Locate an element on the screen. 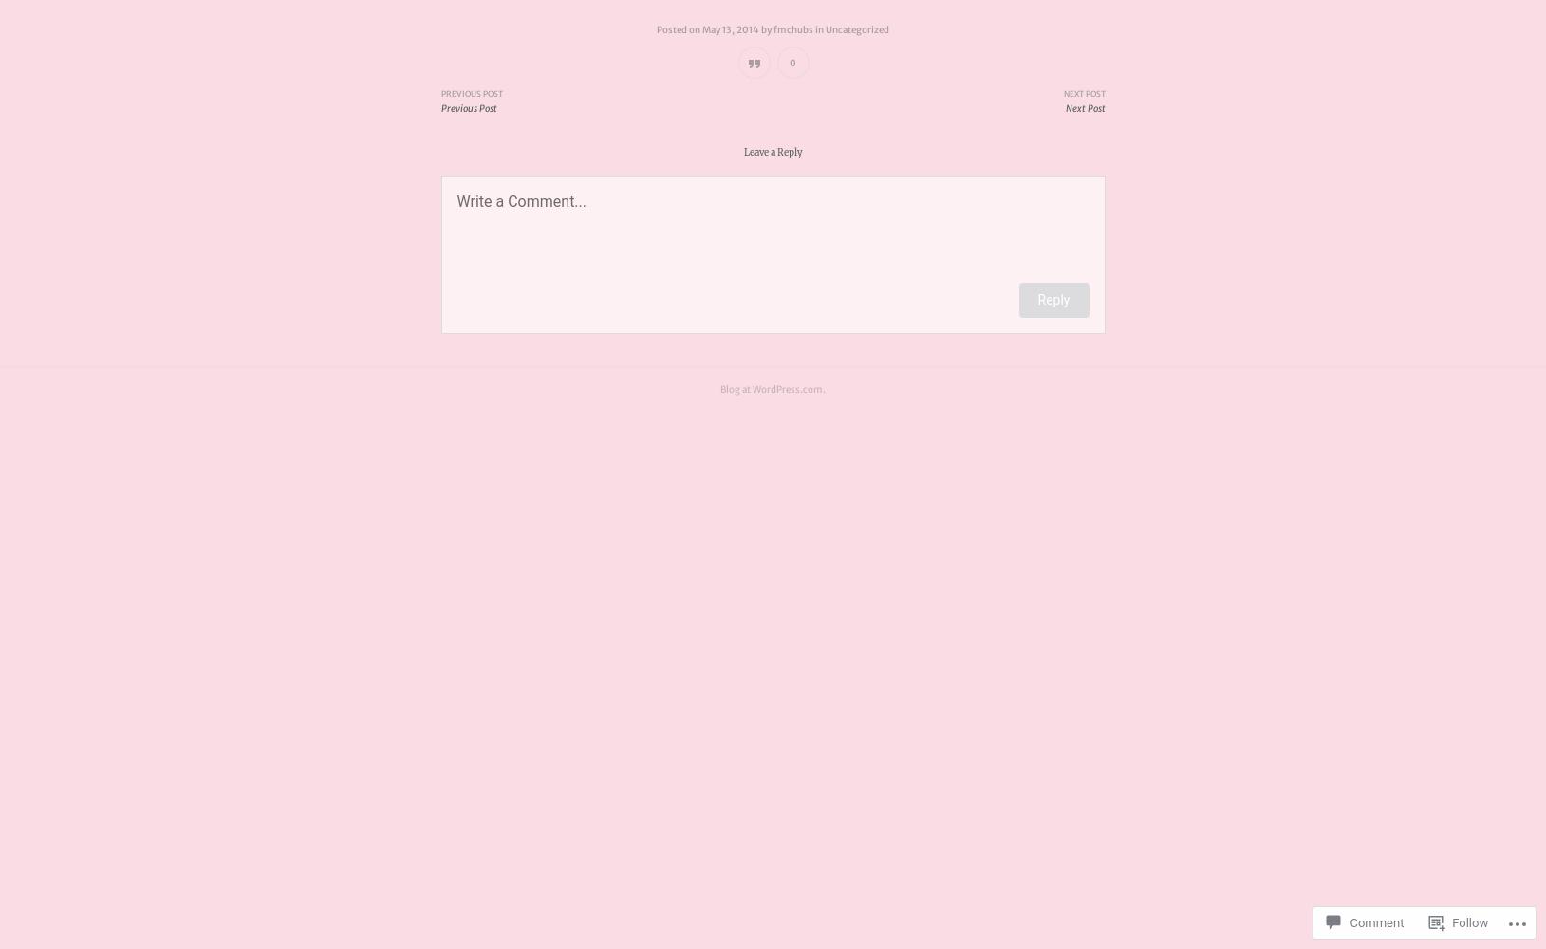 The width and height of the screenshot is (1546, 949). '0' is located at coordinates (792, 62).